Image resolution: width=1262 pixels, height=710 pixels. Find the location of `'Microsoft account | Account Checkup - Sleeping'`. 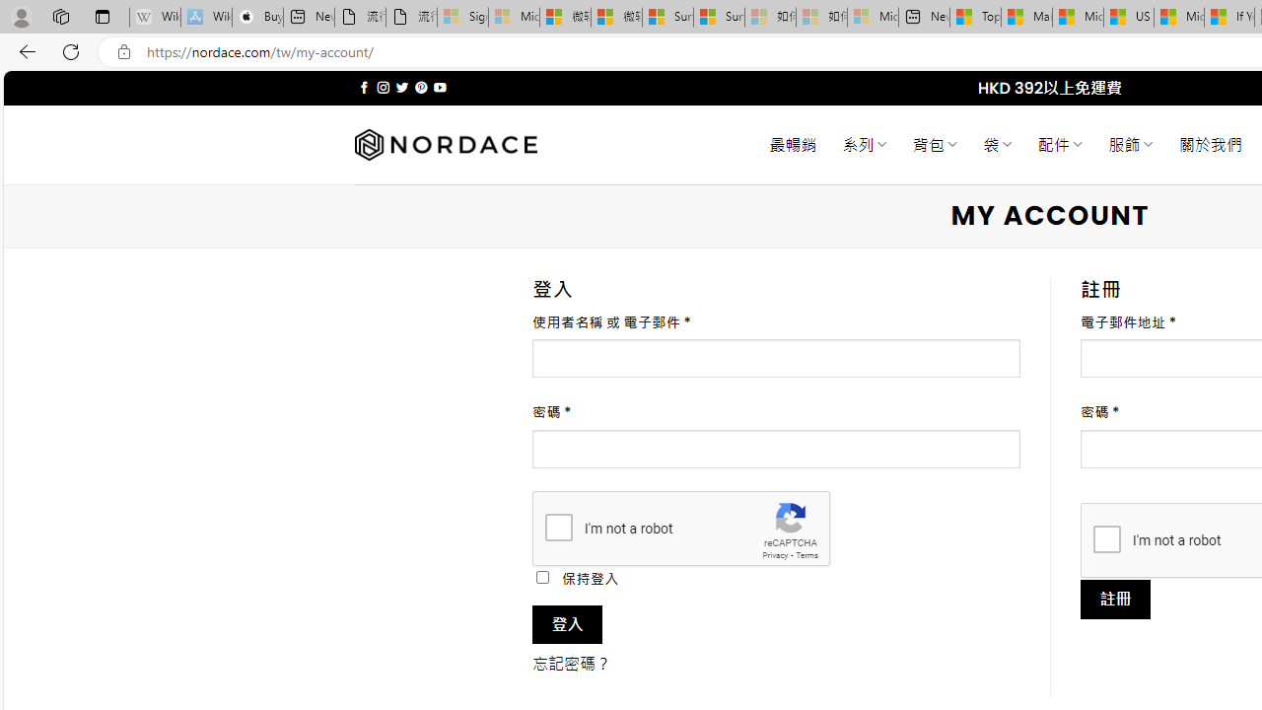

'Microsoft account | Account Checkup - Sleeping' is located at coordinates (872, 17).